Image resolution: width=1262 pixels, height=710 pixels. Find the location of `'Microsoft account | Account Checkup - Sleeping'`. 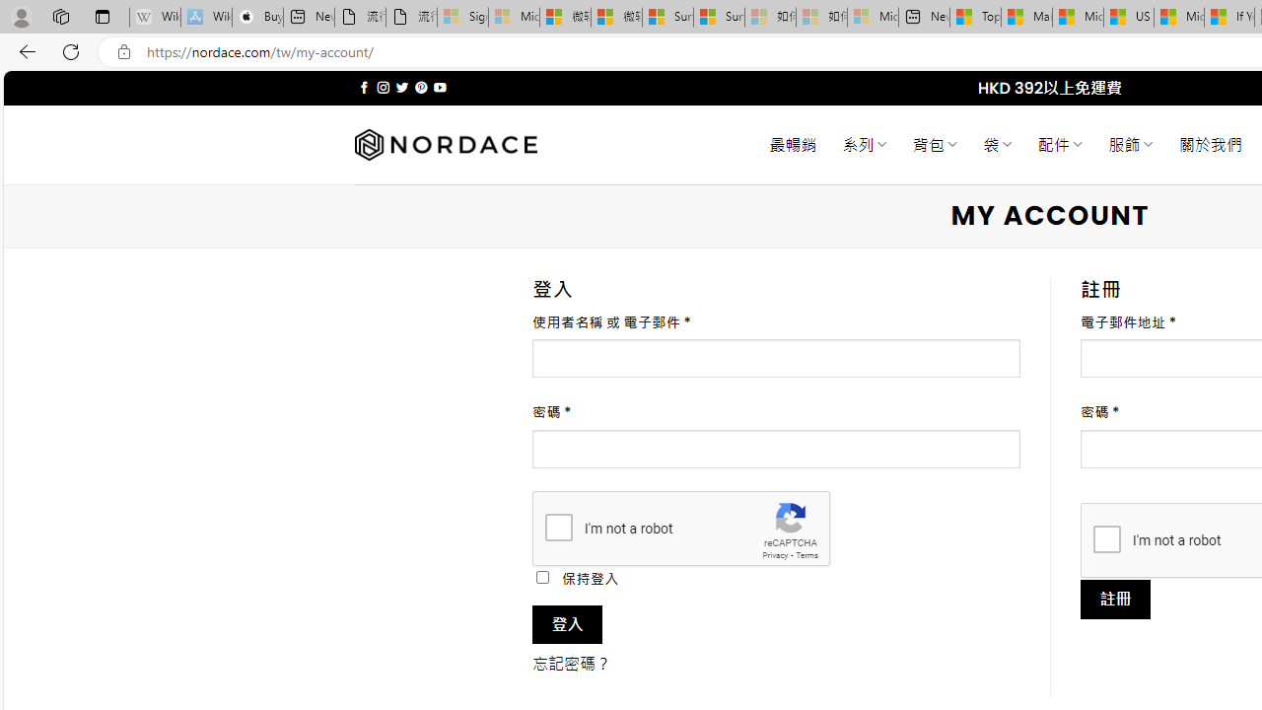

'Microsoft account | Account Checkup - Sleeping' is located at coordinates (872, 17).